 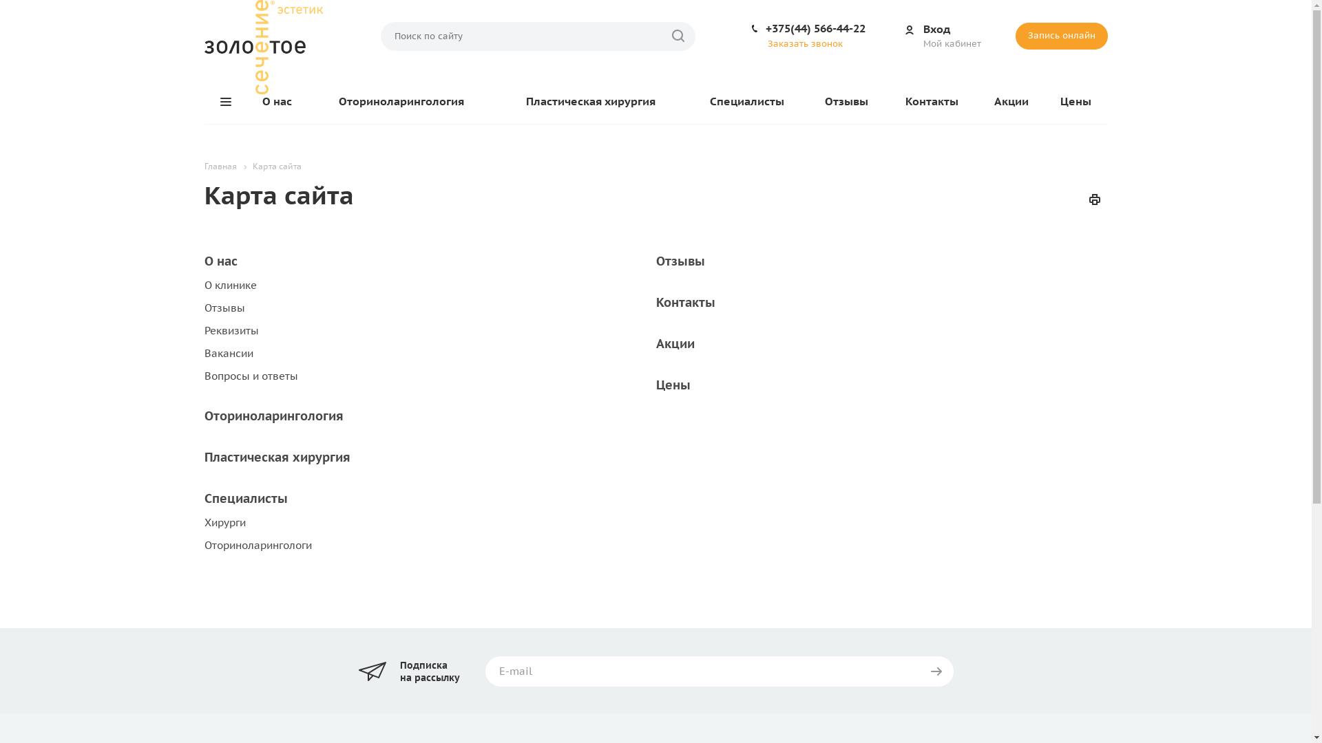 What do you see at coordinates (263, 46) in the screenshot?
I see `'LOR'` at bounding box center [263, 46].